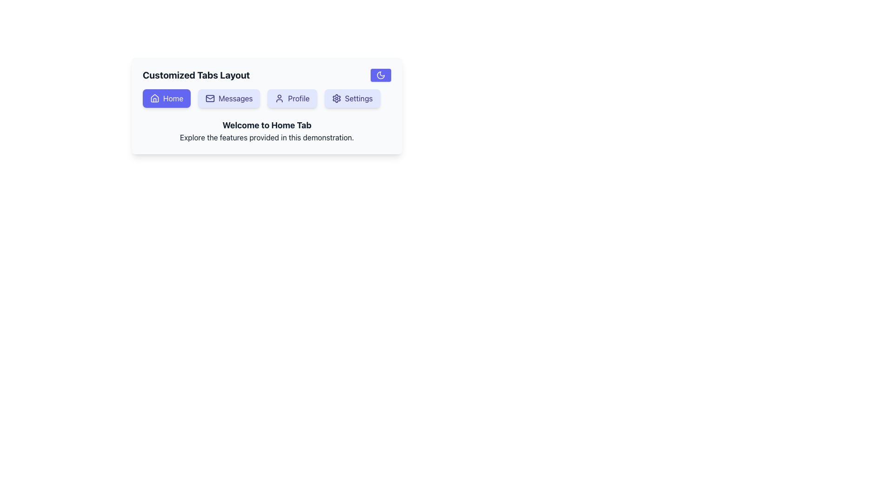  I want to click on the button containing the 'Profile' text label, which is the third item in the navigation bar, so click(299, 99).